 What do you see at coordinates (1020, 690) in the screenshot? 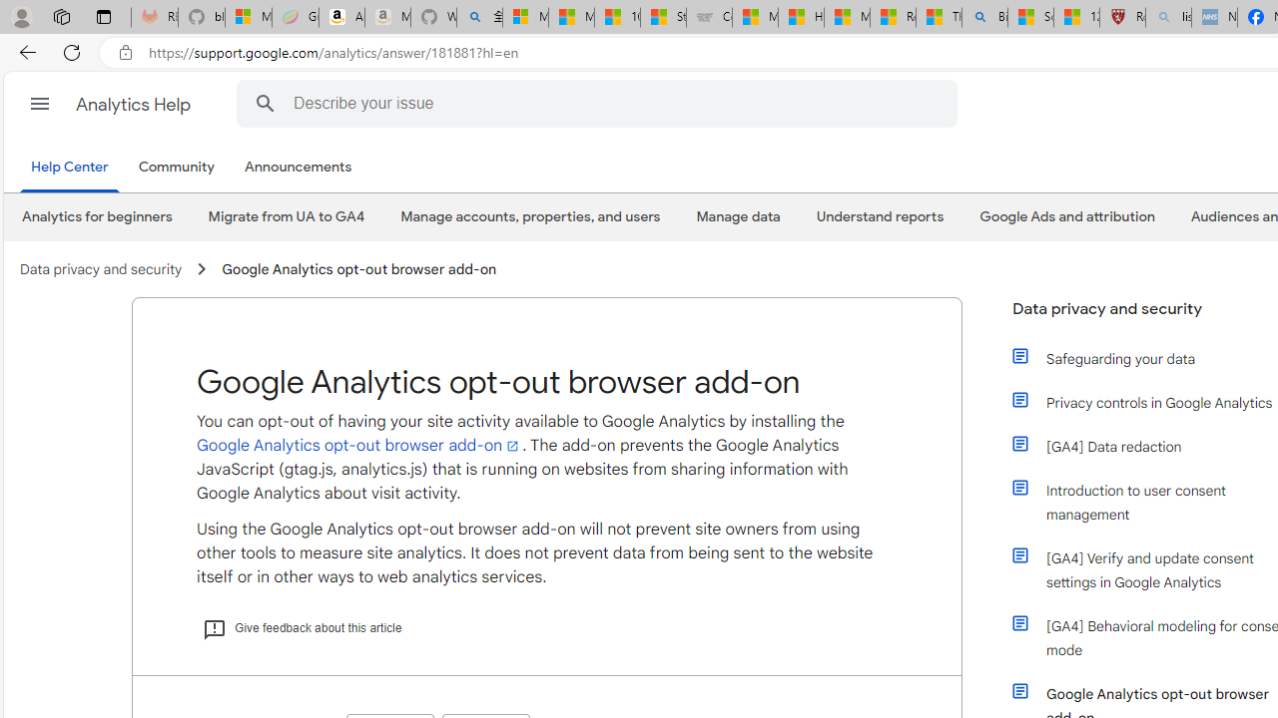
I see `'Class: article'` at bounding box center [1020, 690].